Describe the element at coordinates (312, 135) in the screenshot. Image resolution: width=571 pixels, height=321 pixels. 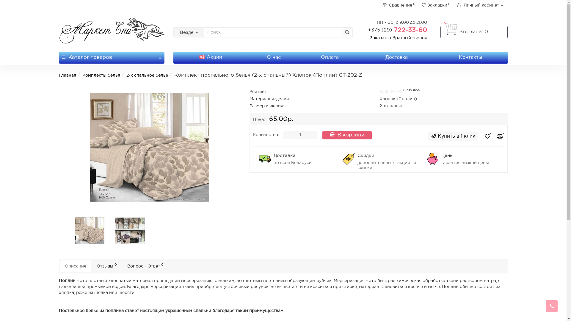
I see `'+'` at that location.